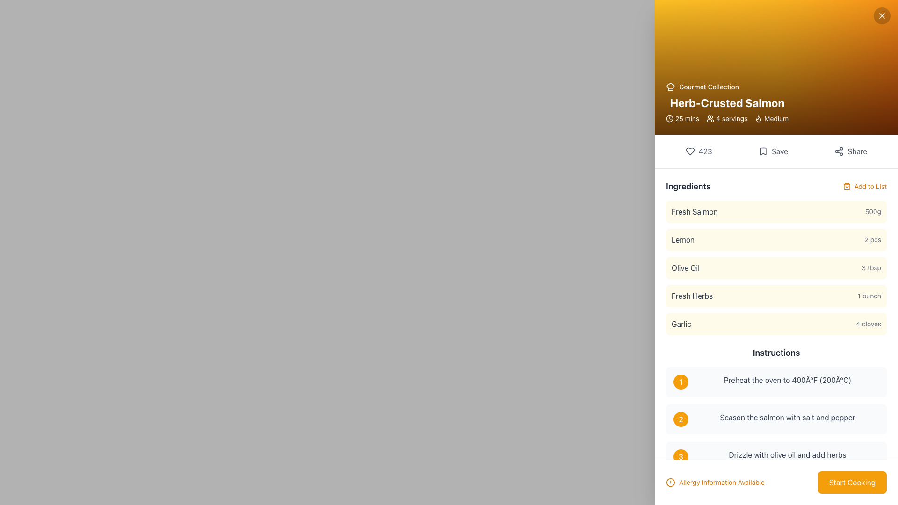 This screenshot has width=898, height=505. I want to click on the save button with an icon and text label, located between the '423' count button and the 'Share' button, in the upper section of the interface below the title 'Herb-Crusted Salmon', so click(773, 151).